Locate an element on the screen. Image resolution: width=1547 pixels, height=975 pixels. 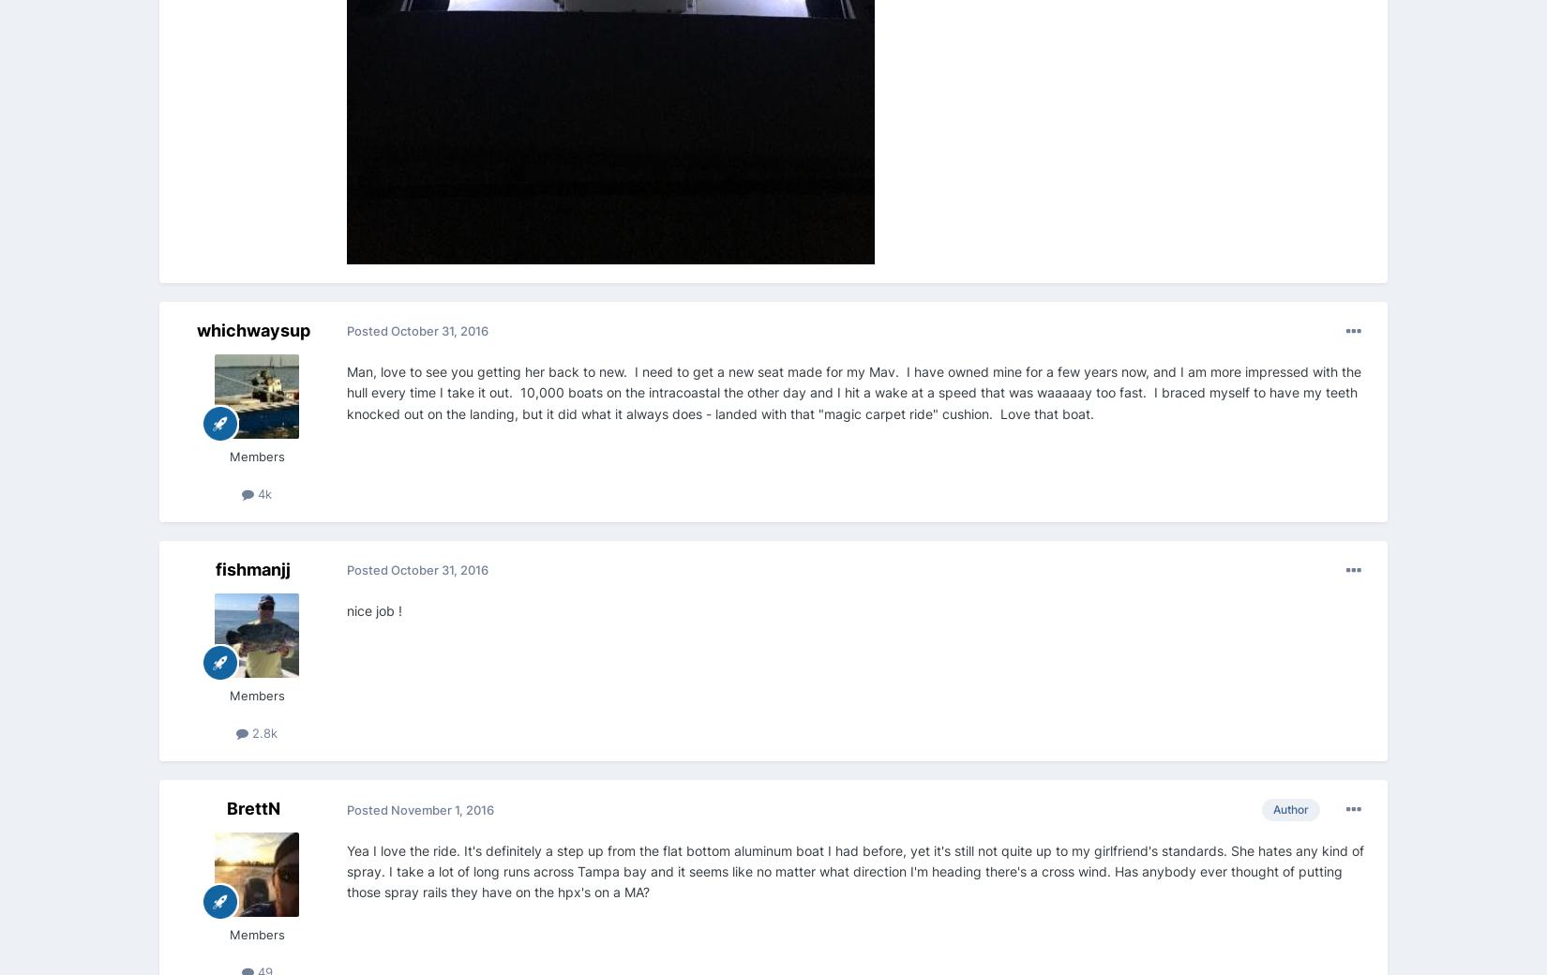
'4k' is located at coordinates (263, 492).